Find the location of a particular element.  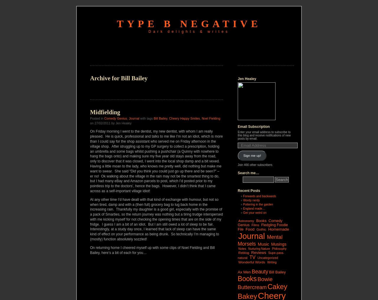

'Astronomy' is located at coordinates (246, 220).